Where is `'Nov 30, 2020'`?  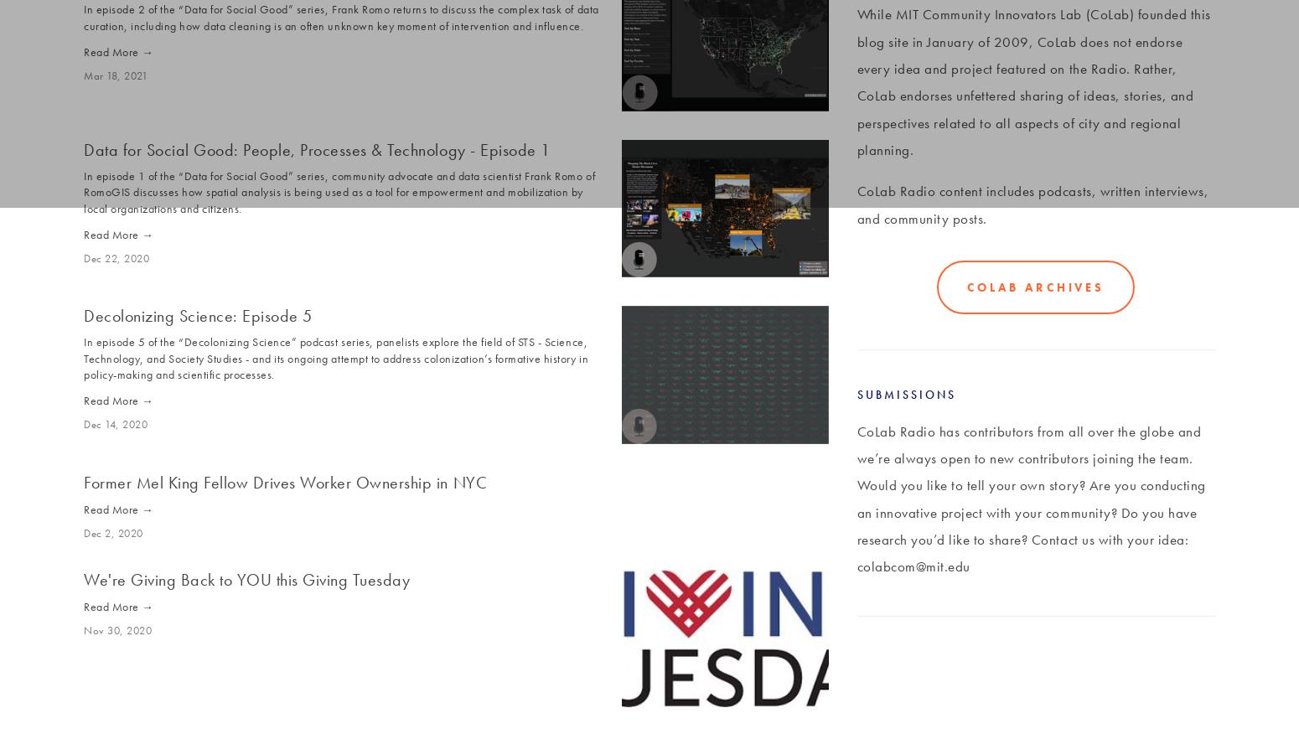 'Nov 30, 2020' is located at coordinates (83, 629).